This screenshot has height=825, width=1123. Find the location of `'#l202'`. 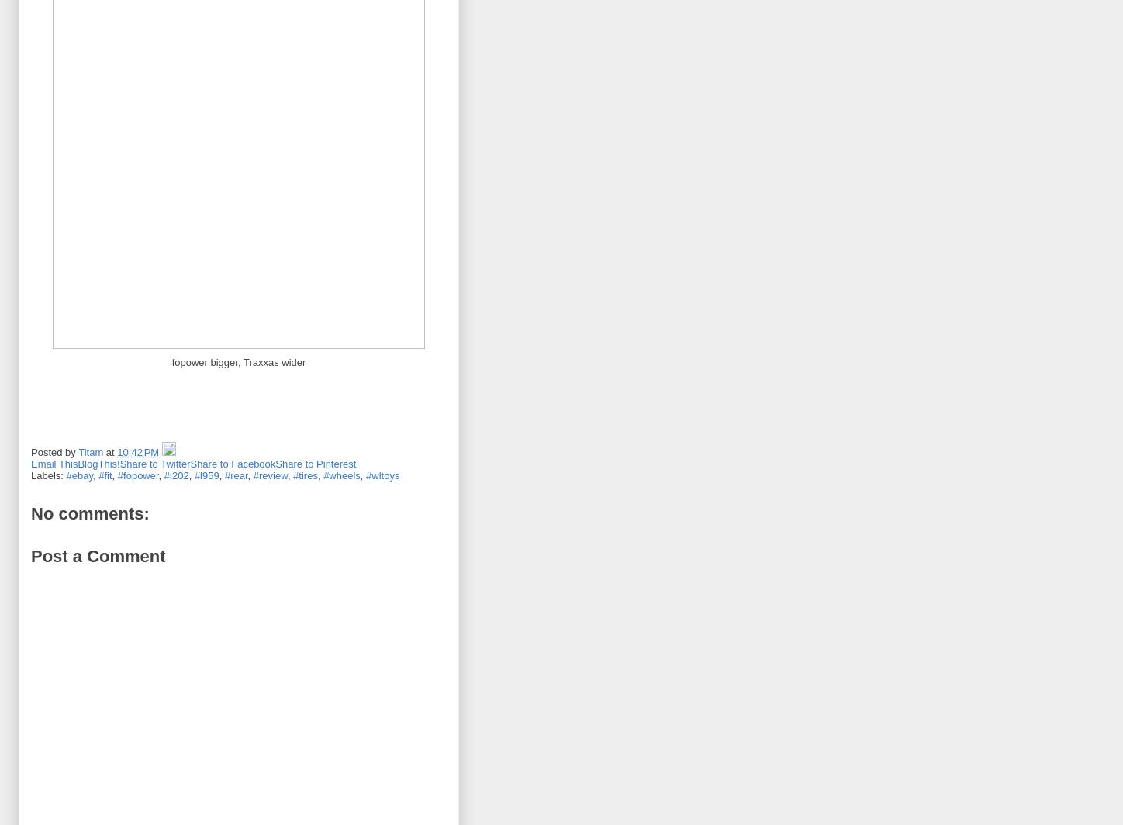

'#l202' is located at coordinates (176, 475).